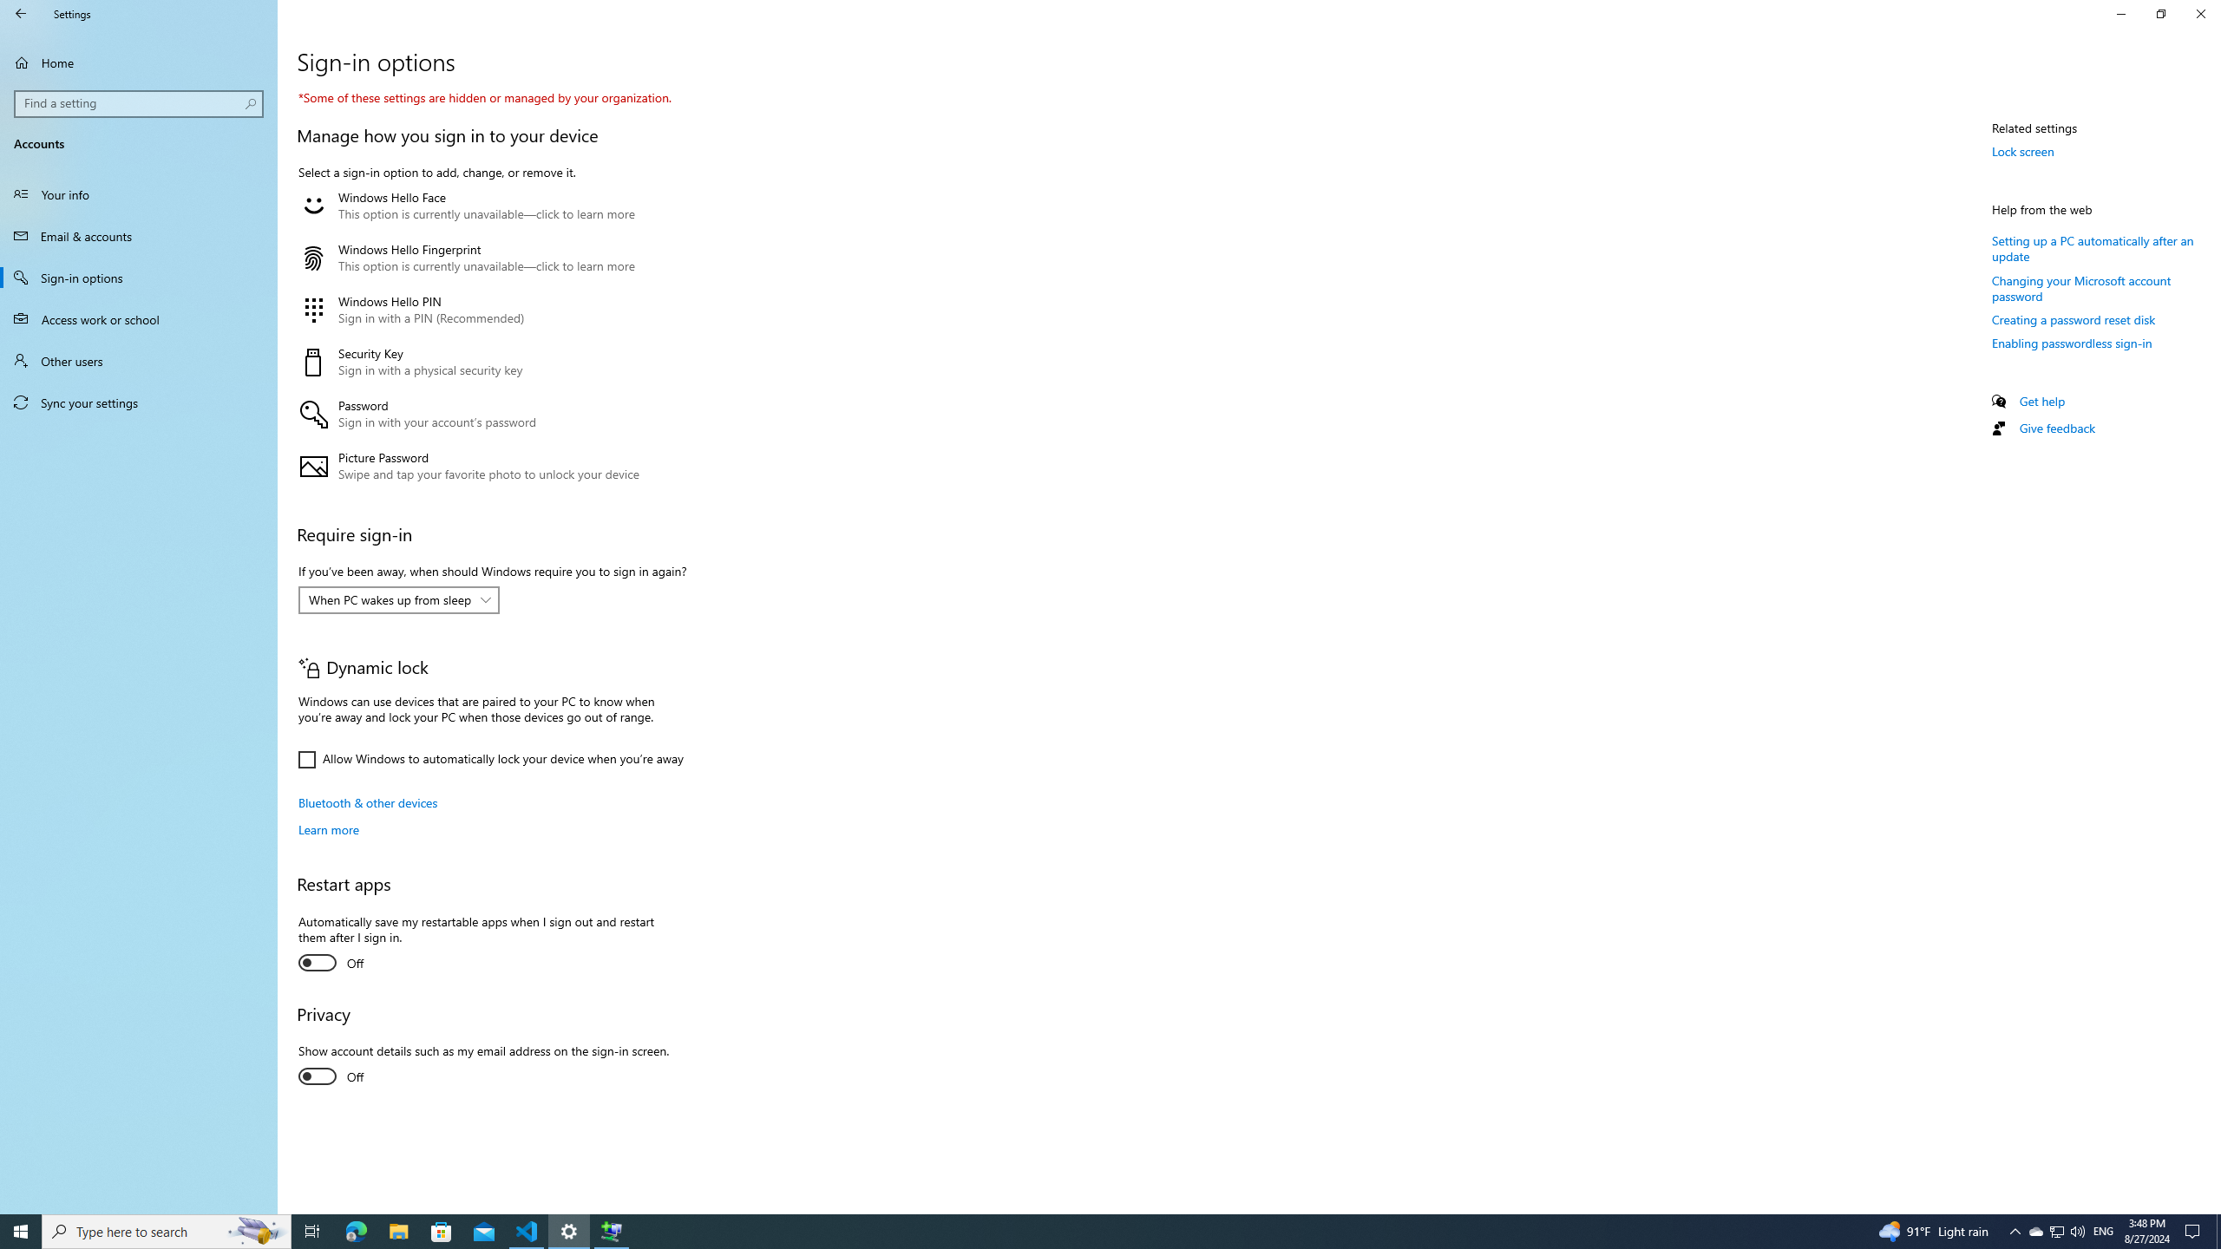  I want to click on 'Extensible Wizards Host Process - 1 running window', so click(612, 1230).